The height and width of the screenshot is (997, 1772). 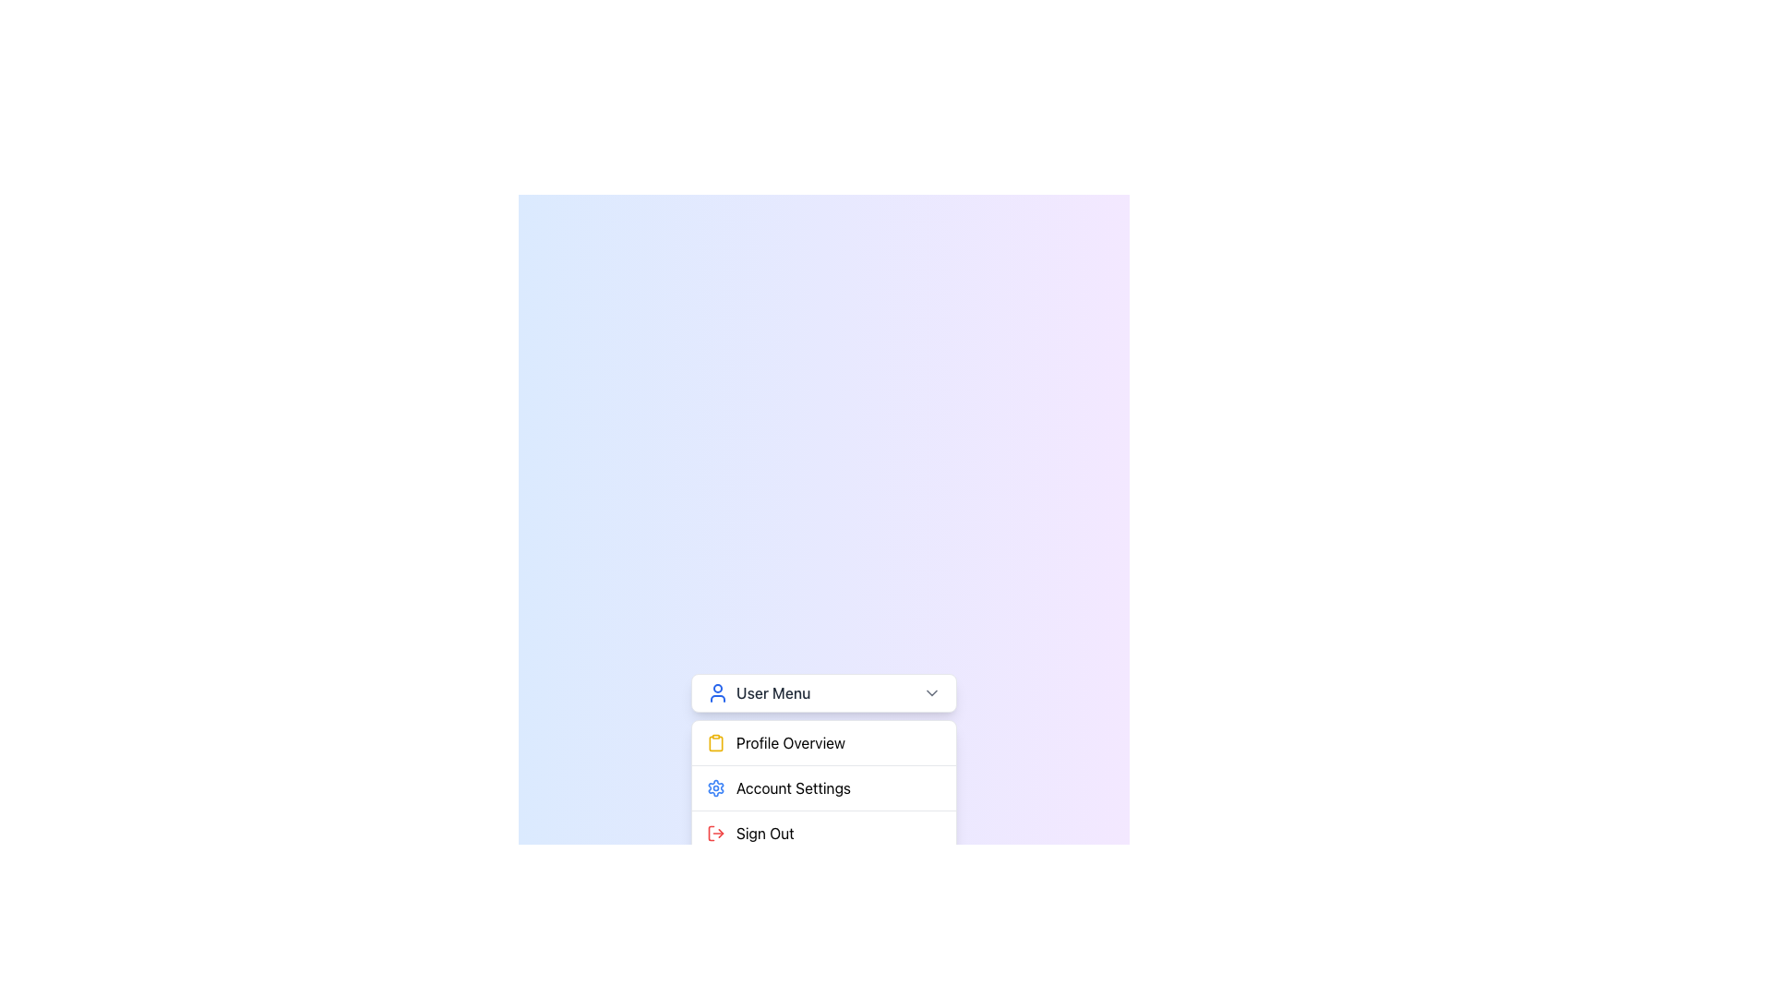 I want to click on the 'Sign Out' button, which is the third item in the dropdown menu, to log out, so click(x=822, y=833).